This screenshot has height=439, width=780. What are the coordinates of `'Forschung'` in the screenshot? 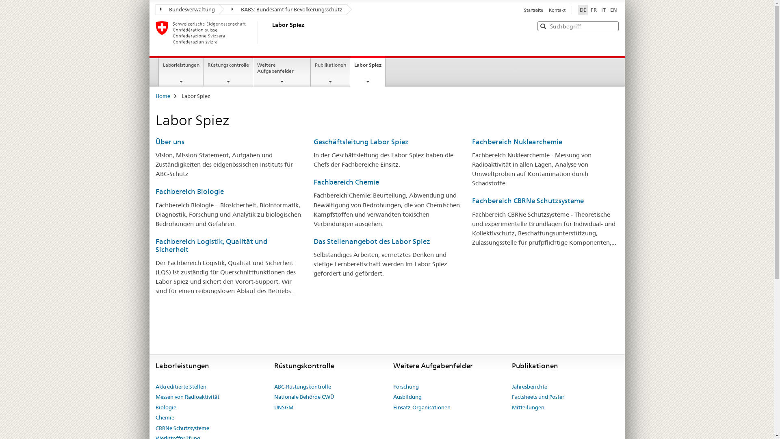 It's located at (406, 387).